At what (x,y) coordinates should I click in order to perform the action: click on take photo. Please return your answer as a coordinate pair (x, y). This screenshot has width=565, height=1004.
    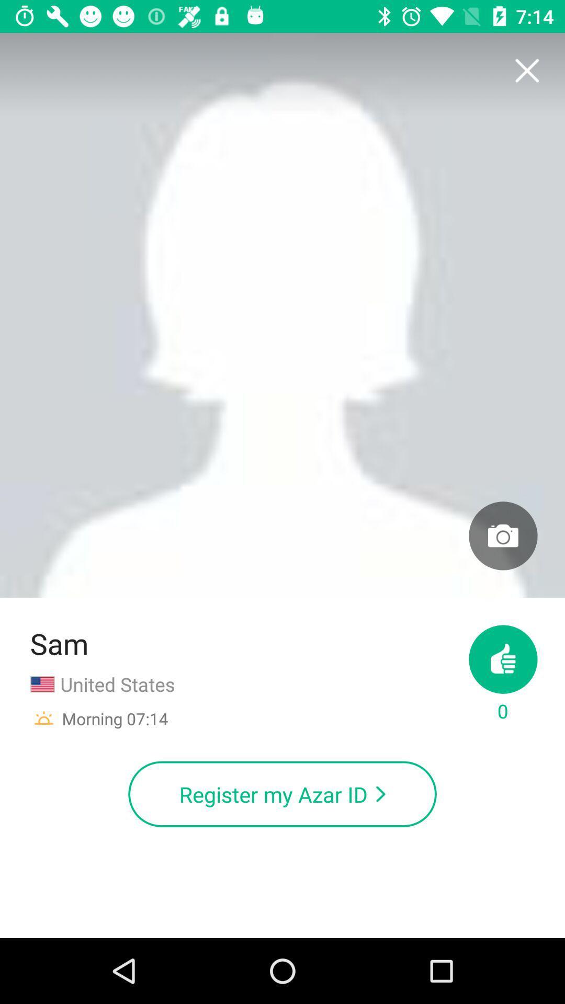
    Looking at the image, I should click on (502, 535).